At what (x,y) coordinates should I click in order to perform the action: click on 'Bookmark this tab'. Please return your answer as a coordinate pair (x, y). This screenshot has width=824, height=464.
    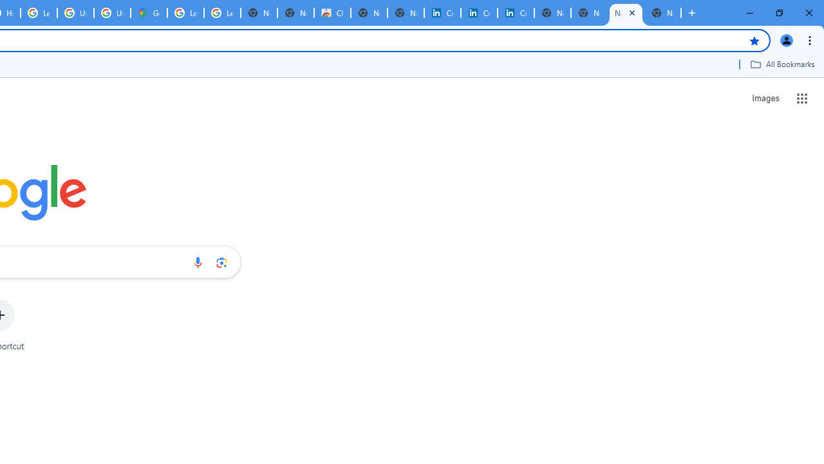
    Looking at the image, I should click on (754, 39).